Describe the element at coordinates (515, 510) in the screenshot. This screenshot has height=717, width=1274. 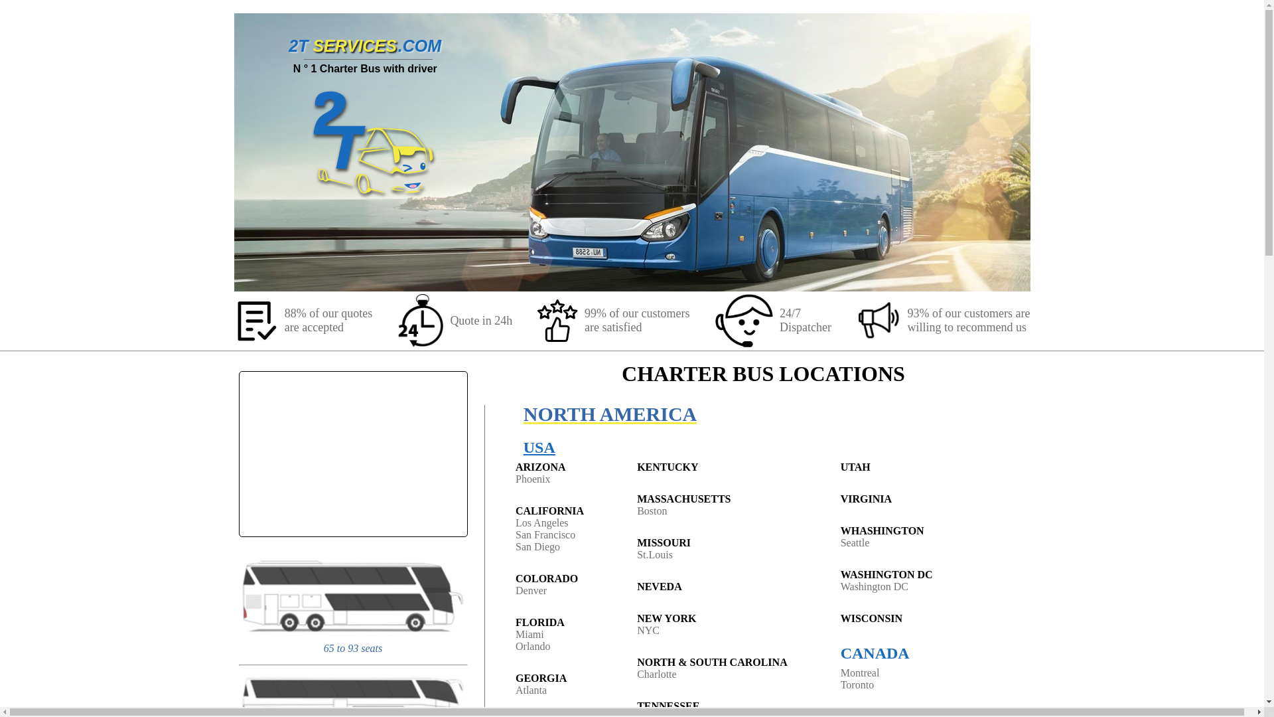
I see `'CALIFORNIA'` at that location.